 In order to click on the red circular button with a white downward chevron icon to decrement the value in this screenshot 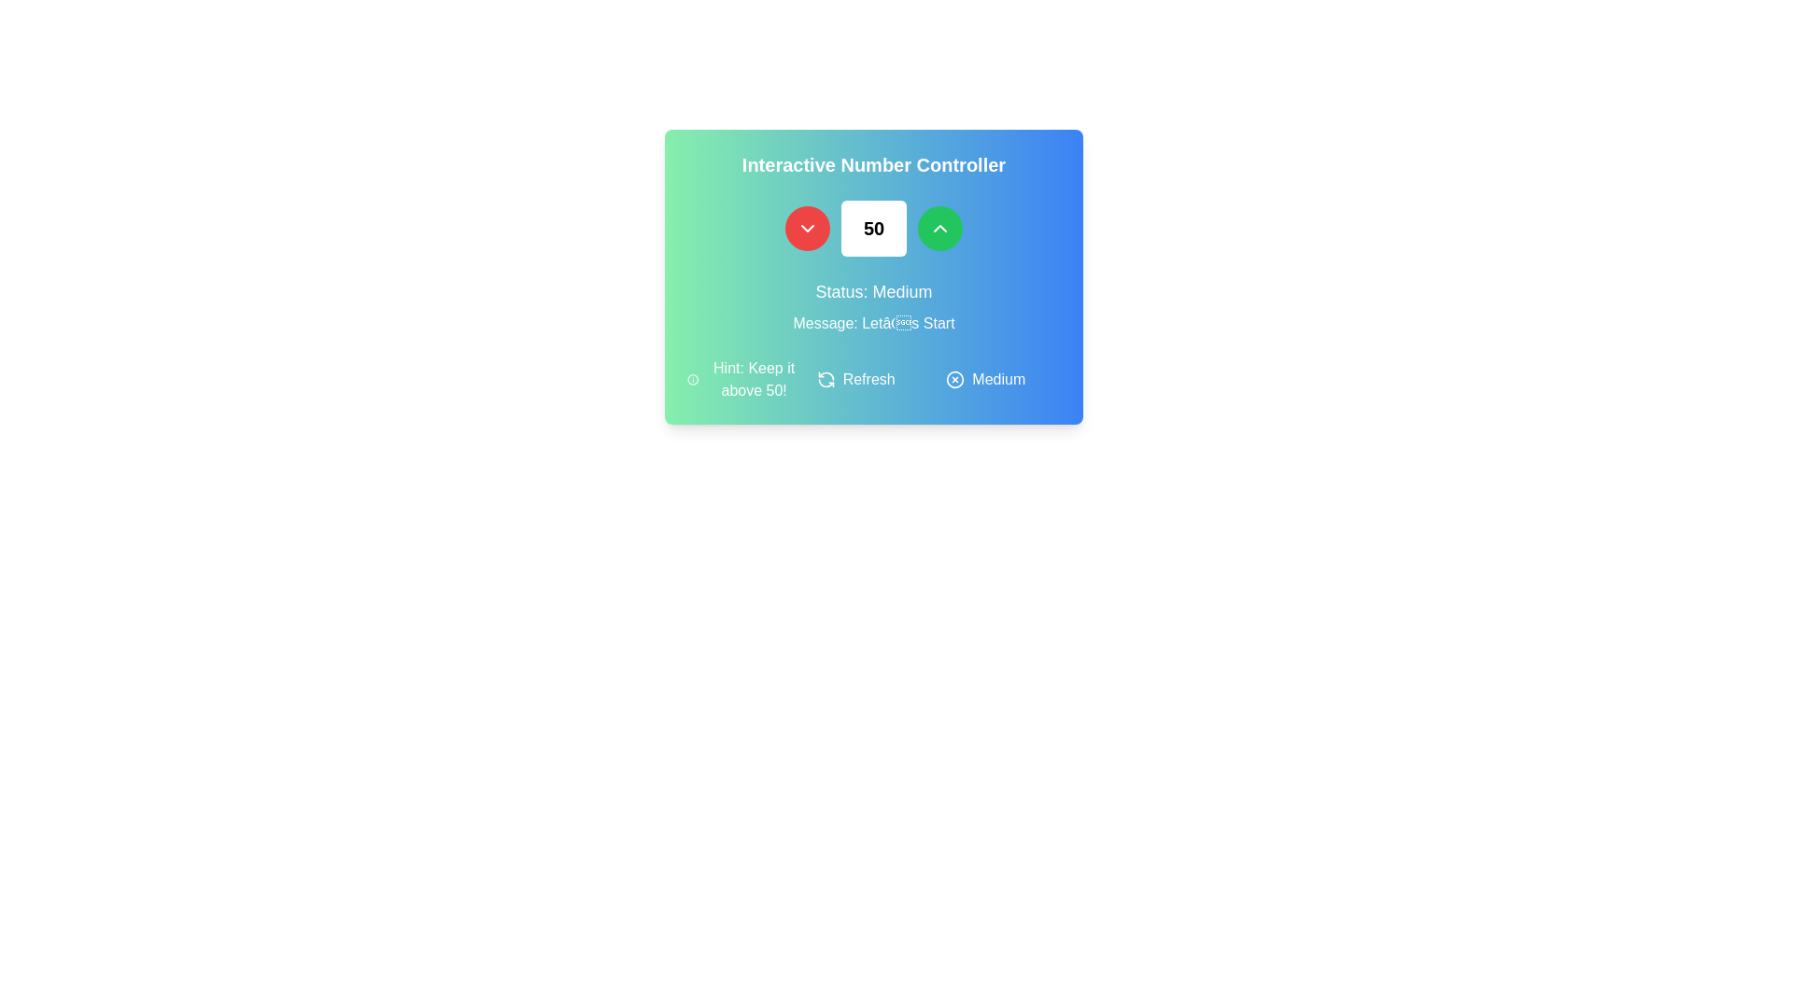, I will do `click(807, 228)`.